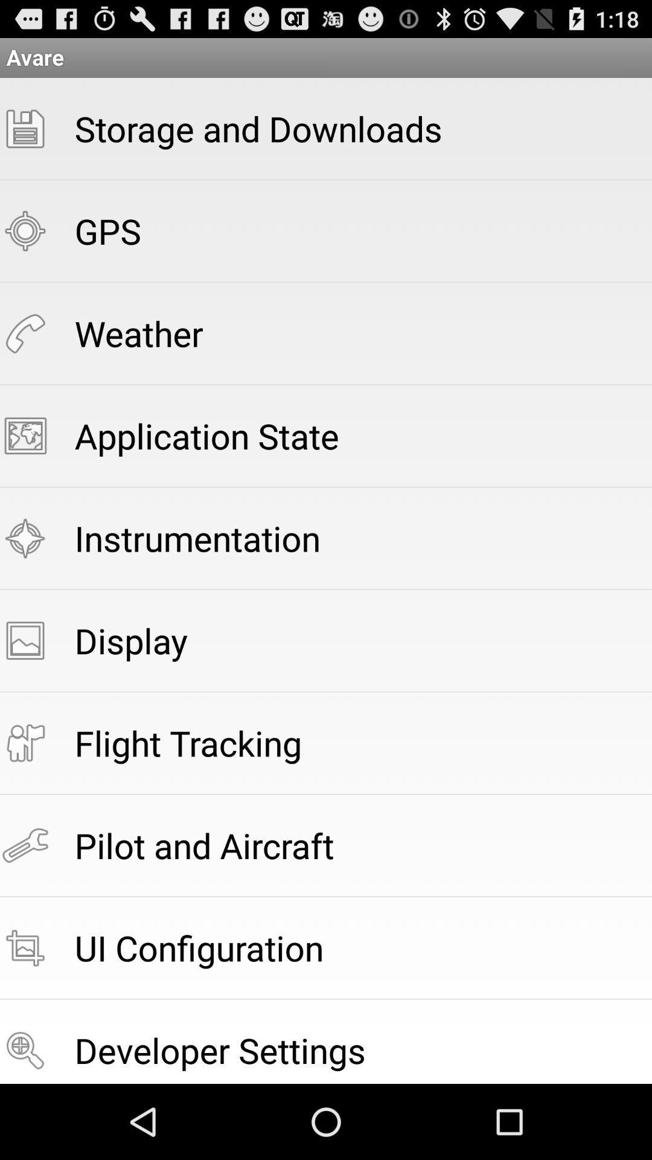 The image size is (652, 1160). What do you see at coordinates (203, 845) in the screenshot?
I see `the app above ui configuration app` at bounding box center [203, 845].